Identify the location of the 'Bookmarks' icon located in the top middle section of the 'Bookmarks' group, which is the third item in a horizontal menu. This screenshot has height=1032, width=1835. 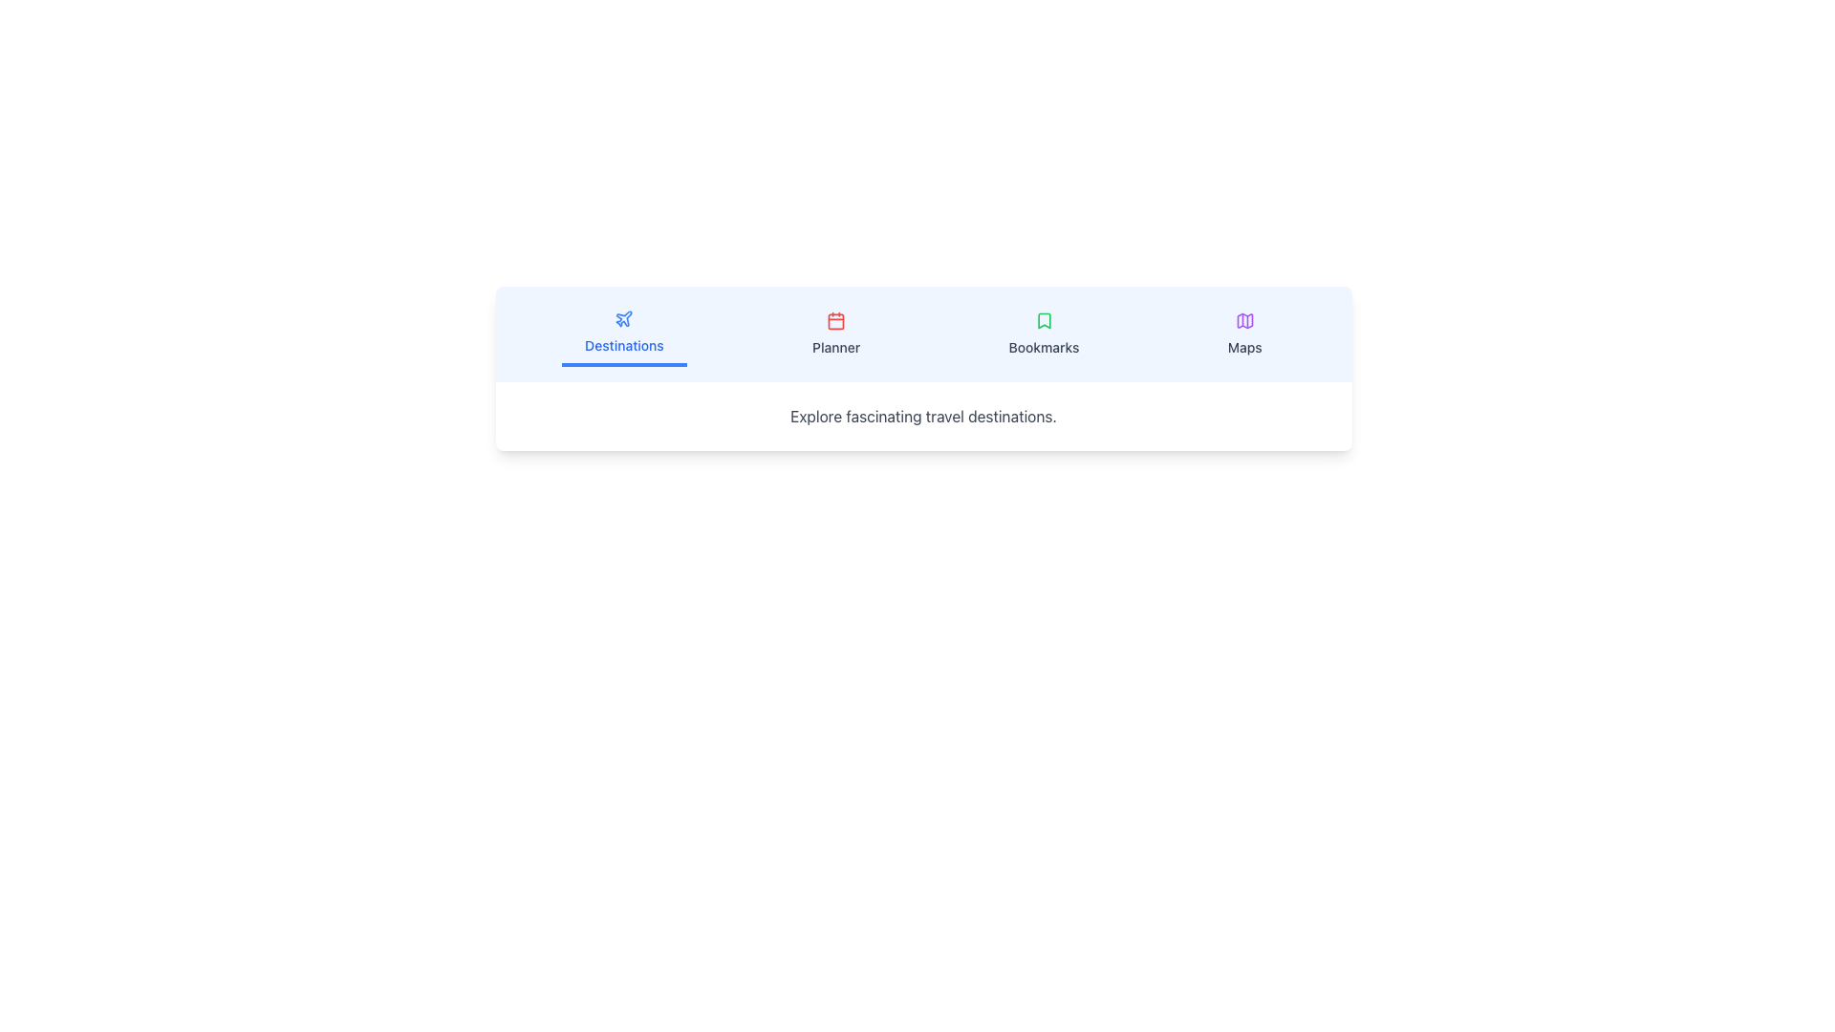
(1043, 319).